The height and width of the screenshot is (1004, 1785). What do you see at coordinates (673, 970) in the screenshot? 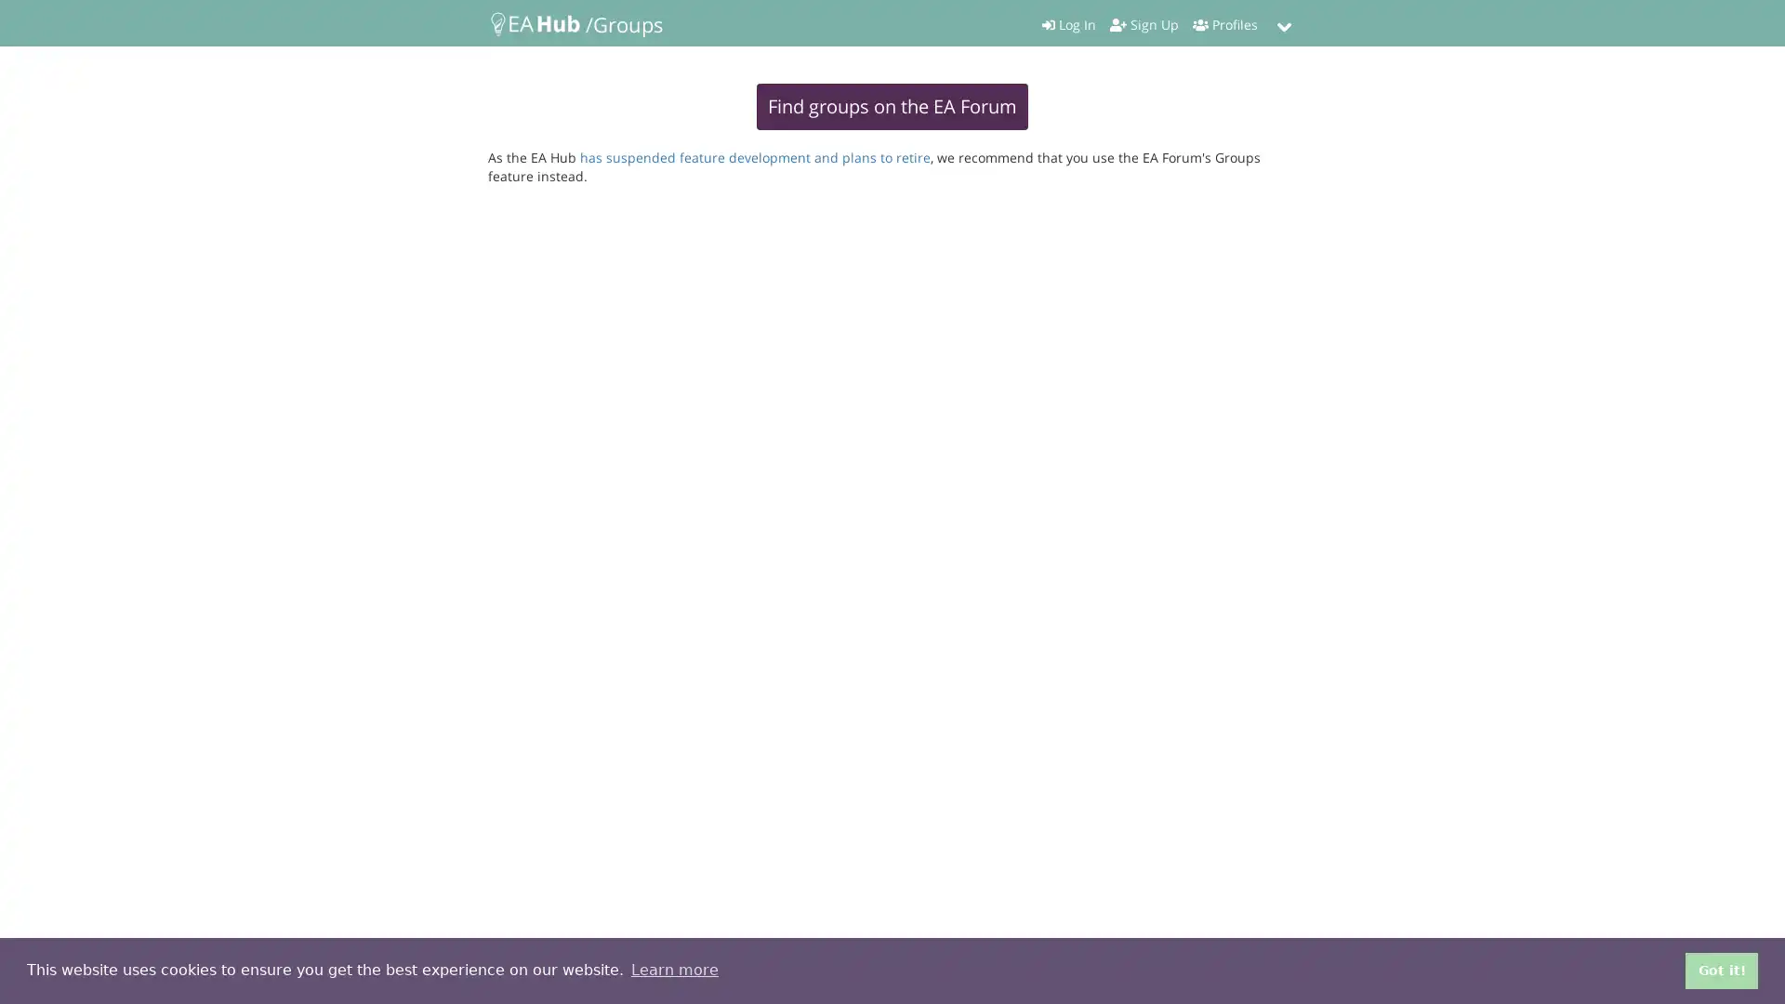
I see `learn more about cookies` at bounding box center [673, 970].